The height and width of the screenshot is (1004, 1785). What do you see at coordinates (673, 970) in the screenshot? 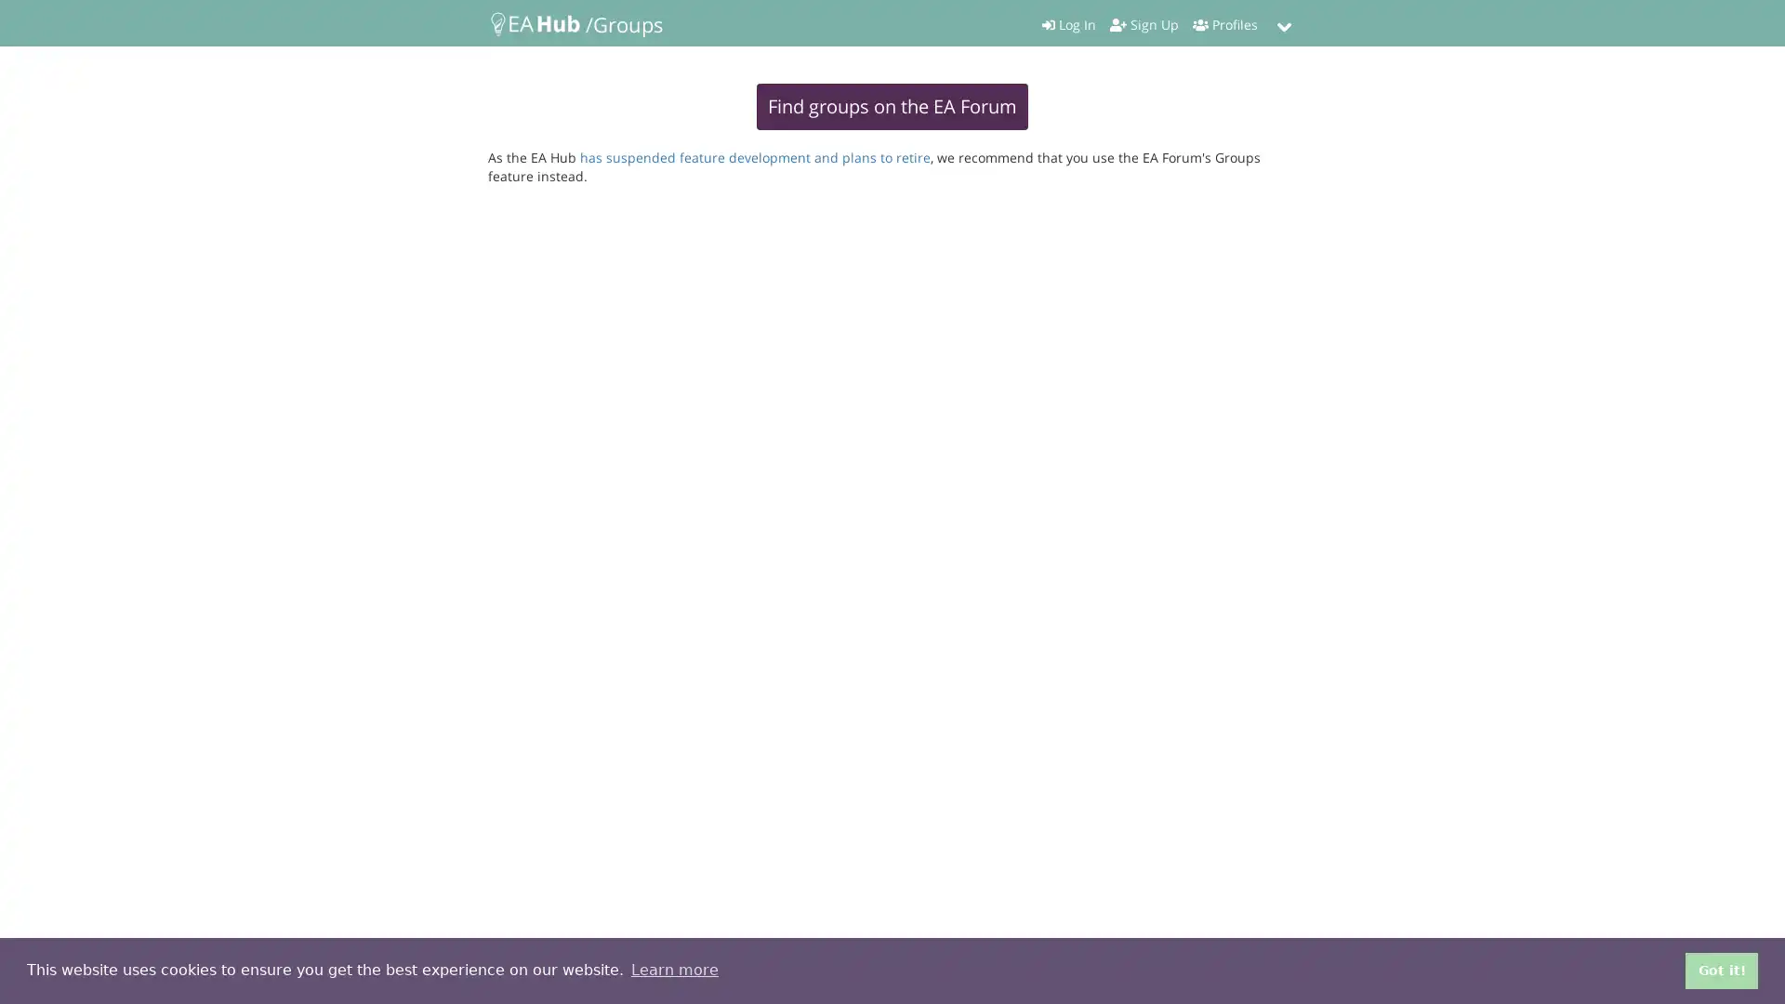
I see `learn more about cookies` at bounding box center [673, 970].